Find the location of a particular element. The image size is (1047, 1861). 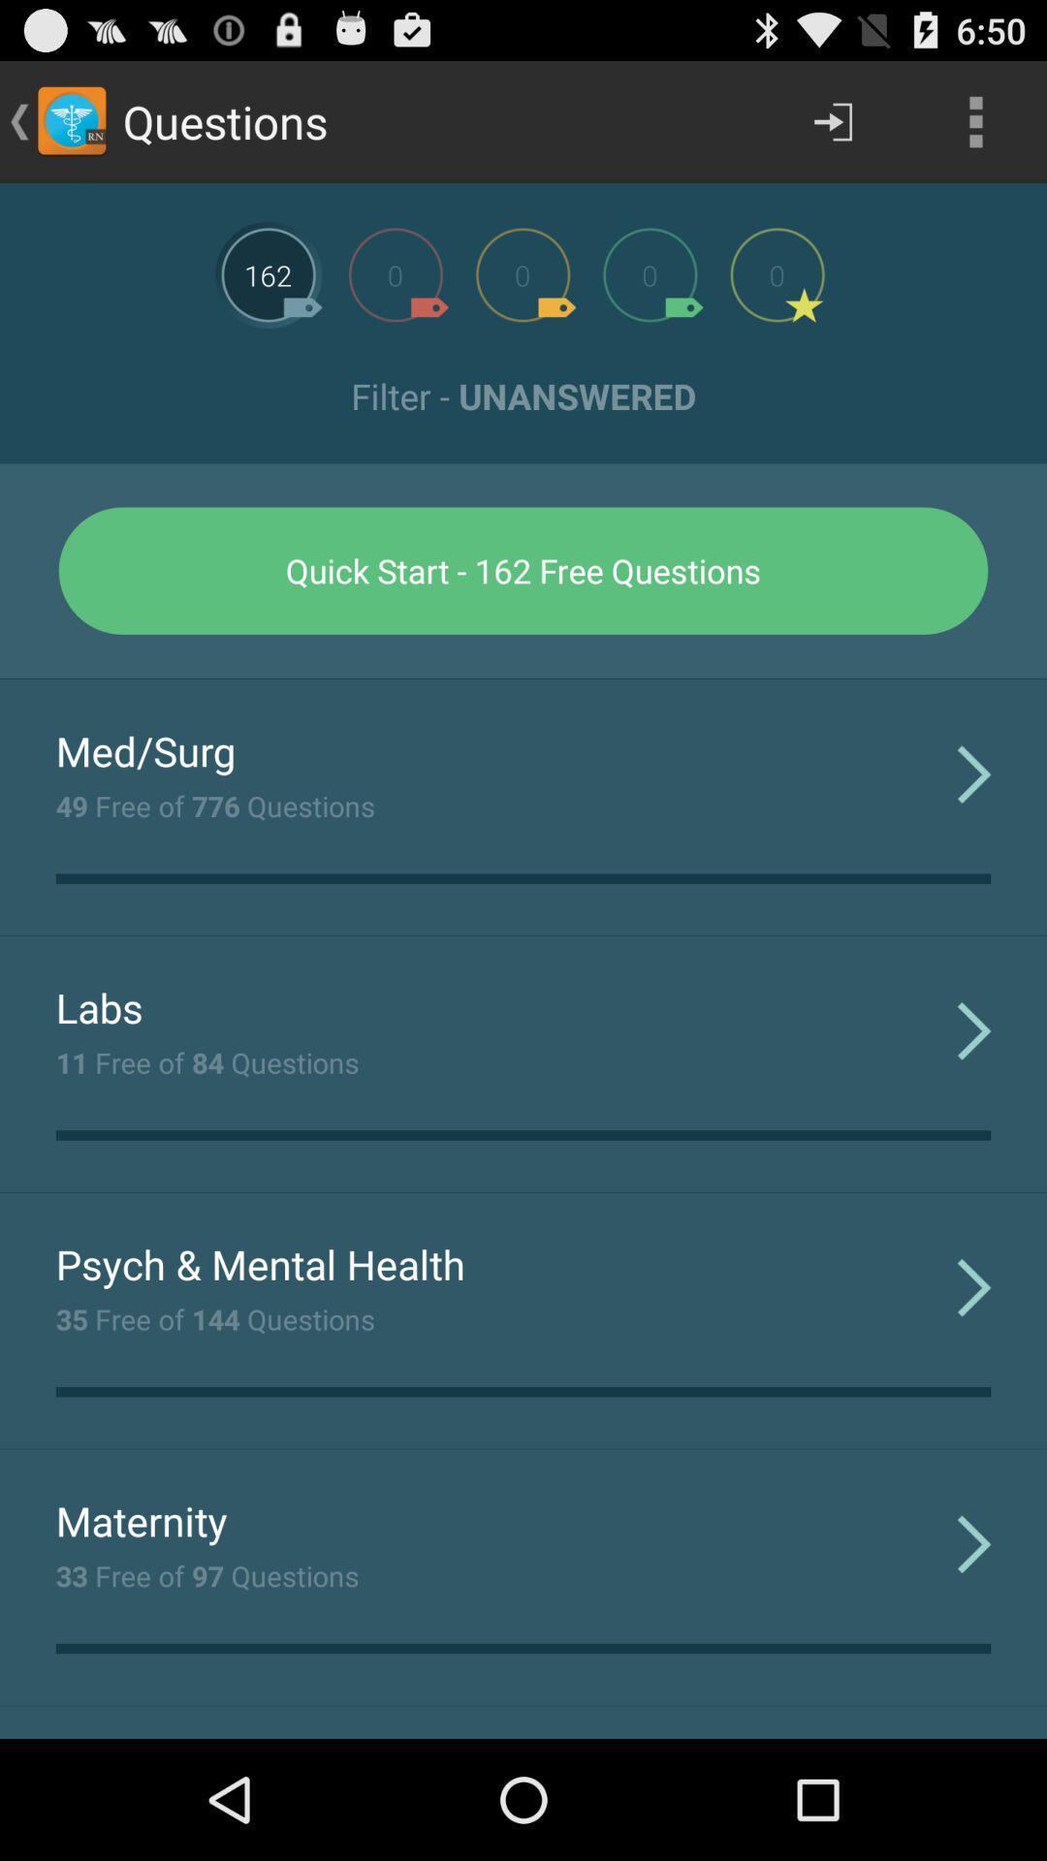

icon next to the questions icon is located at coordinates (832, 120).